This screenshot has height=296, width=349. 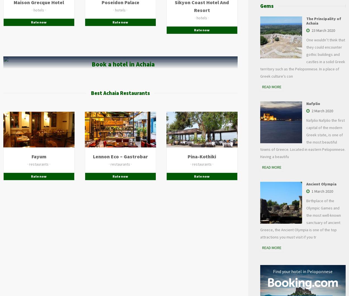 I want to click on '76 Monodendriou, Monodendri Patron 250-02', so click(x=217, y=145).